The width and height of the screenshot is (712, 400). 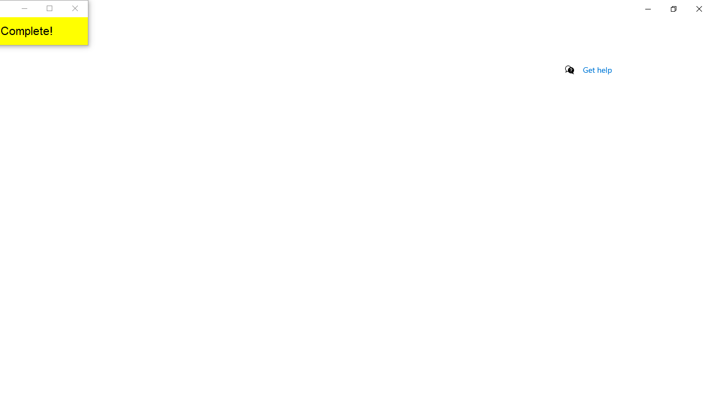 What do you see at coordinates (597, 69) in the screenshot?
I see `'Get help'` at bounding box center [597, 69].